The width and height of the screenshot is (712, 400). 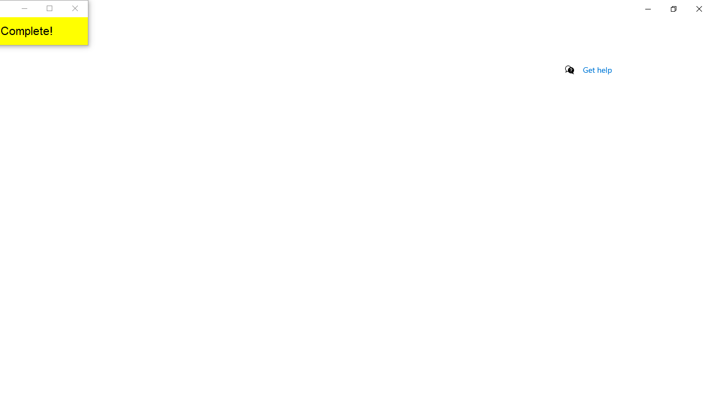 What do you see at coordinates (597, 69) in the screenshot?
I see `'Get help'` at bounding box center [597, 69].